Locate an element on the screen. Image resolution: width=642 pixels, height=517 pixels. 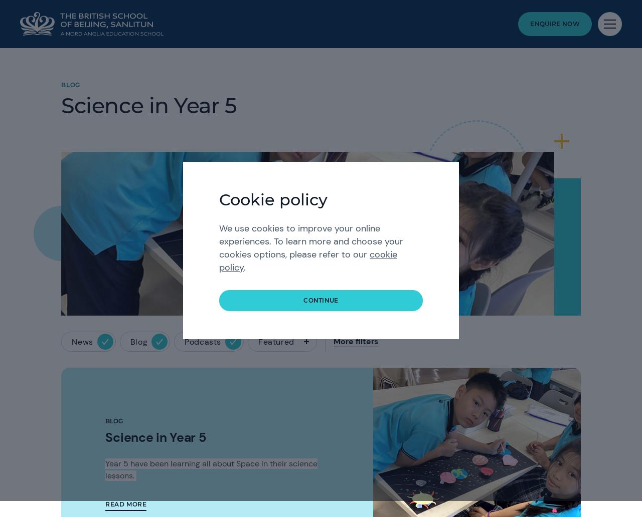
'continue' is located at coordinates (320, 300).